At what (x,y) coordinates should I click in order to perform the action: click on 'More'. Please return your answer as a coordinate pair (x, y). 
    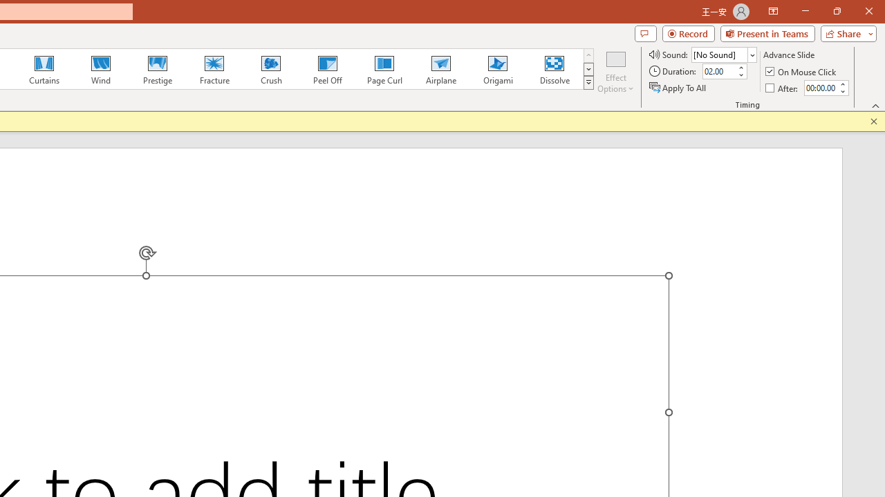
    Looking at the image, I should click on (841, 84).